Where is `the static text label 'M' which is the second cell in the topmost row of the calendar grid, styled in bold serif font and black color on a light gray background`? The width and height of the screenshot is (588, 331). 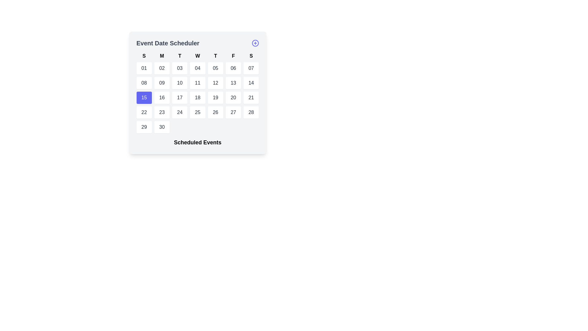
the static text label 'M' which is the second cell in the topmost row of the calendar grid, styled in bold serif font and black color on a light gray background is located at coordinates (162, 56).